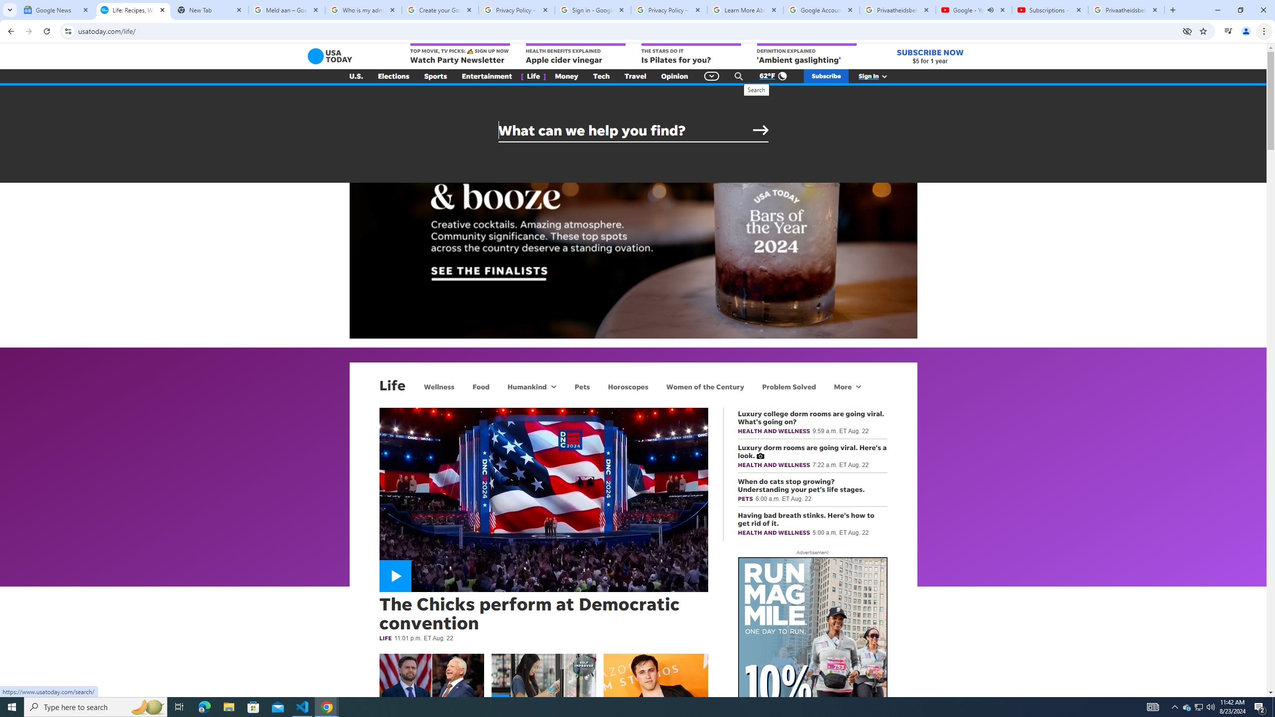  Describe the element at coordinates (438, 386) in the screenshot. I see `'Wellness'` at that location.